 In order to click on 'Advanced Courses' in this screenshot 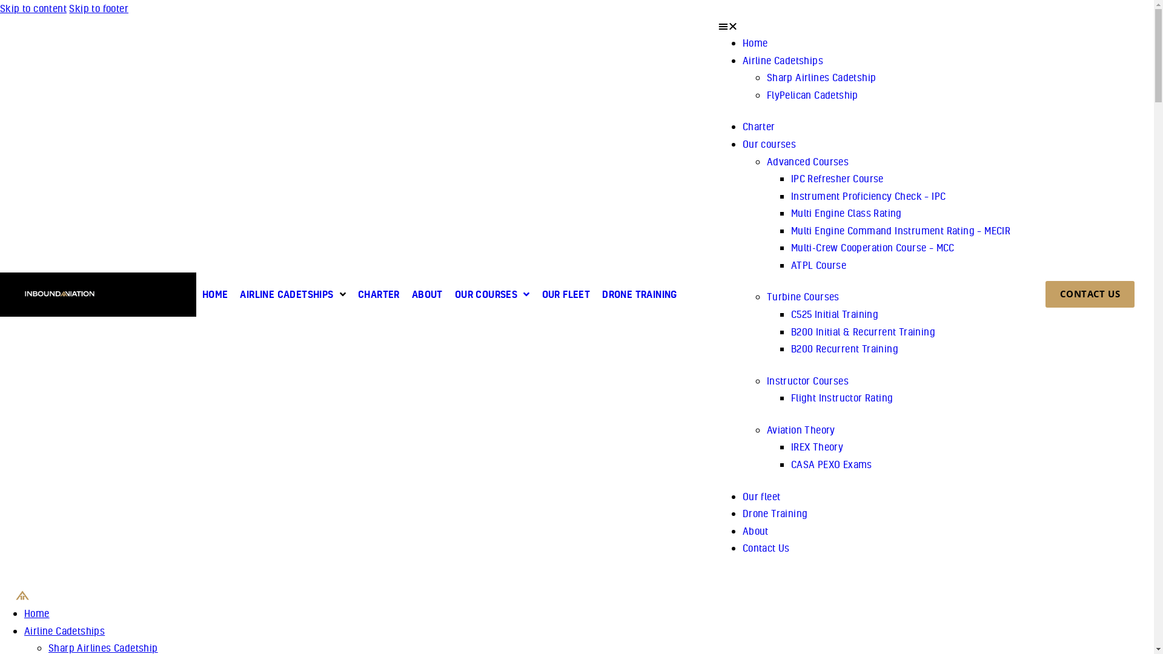, I will do `click(807, 160)`.